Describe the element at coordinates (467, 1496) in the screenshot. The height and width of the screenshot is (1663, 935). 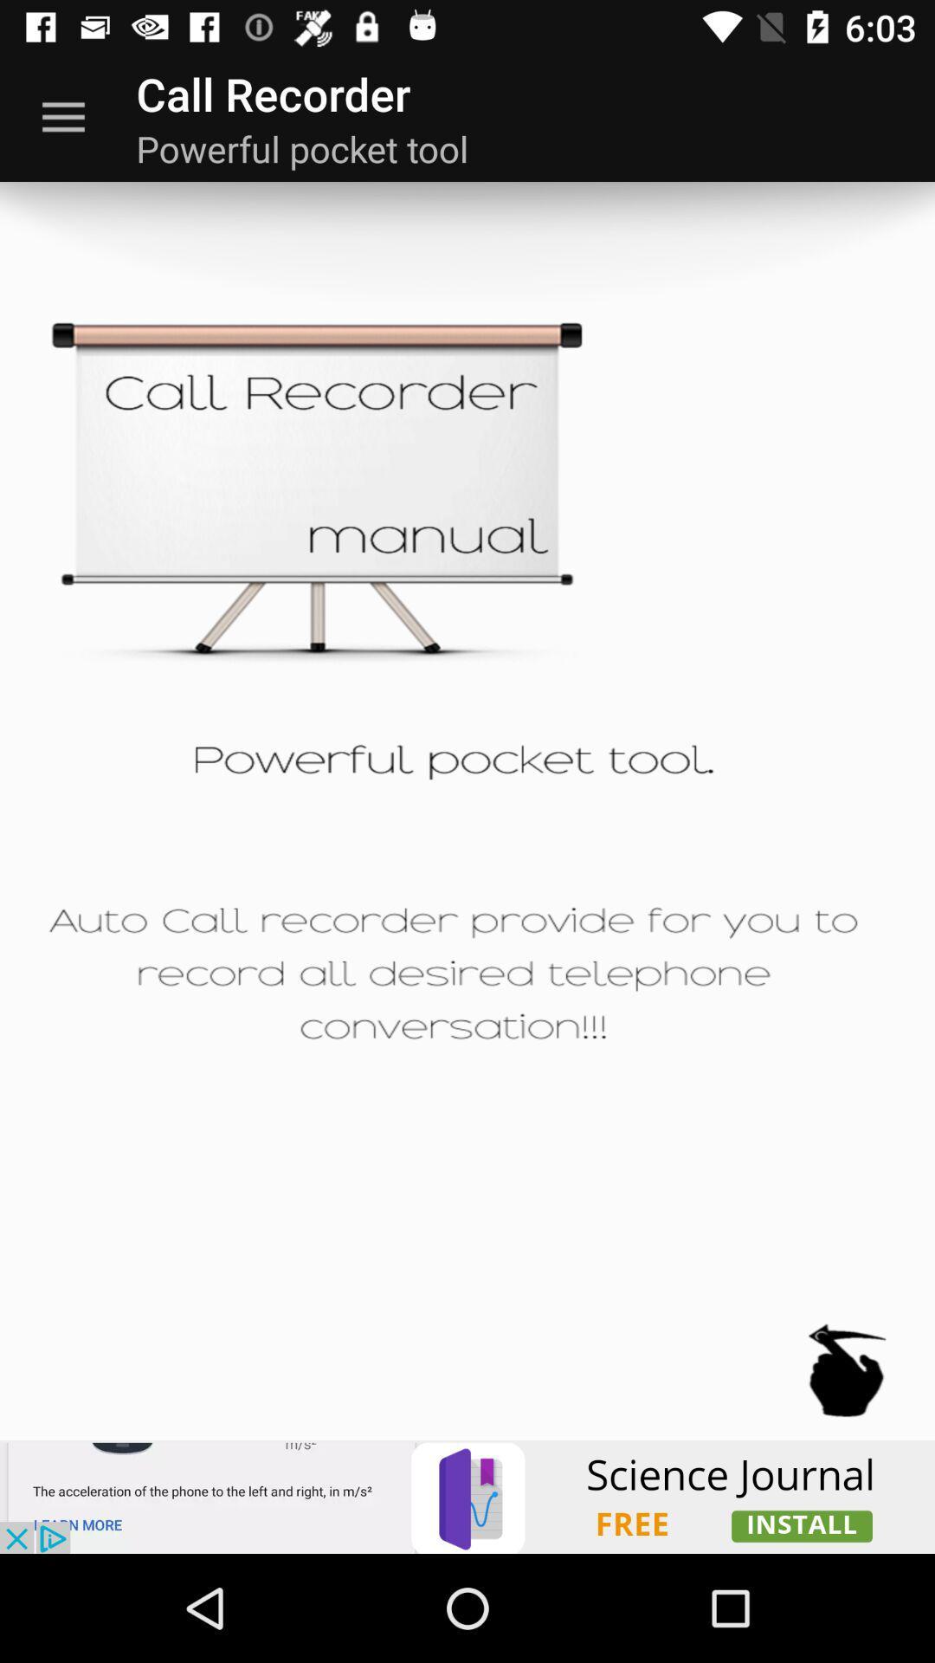
I see `opens a advertisement` at that location.